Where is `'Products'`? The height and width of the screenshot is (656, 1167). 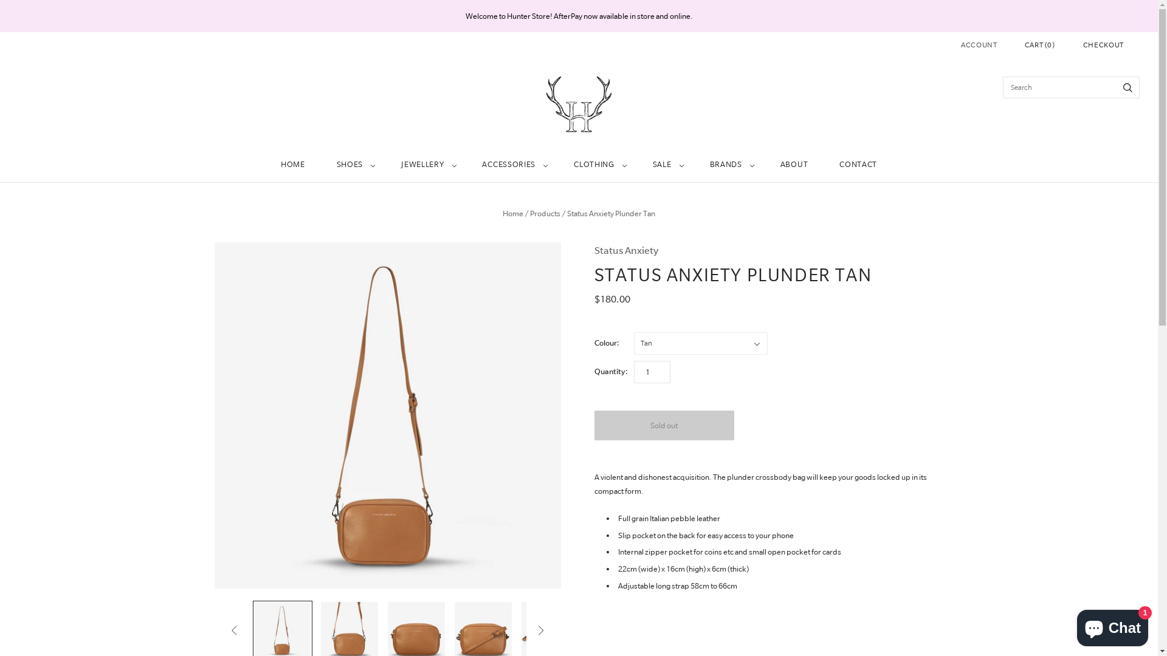
'Products' is located at coordinates (545, 213).